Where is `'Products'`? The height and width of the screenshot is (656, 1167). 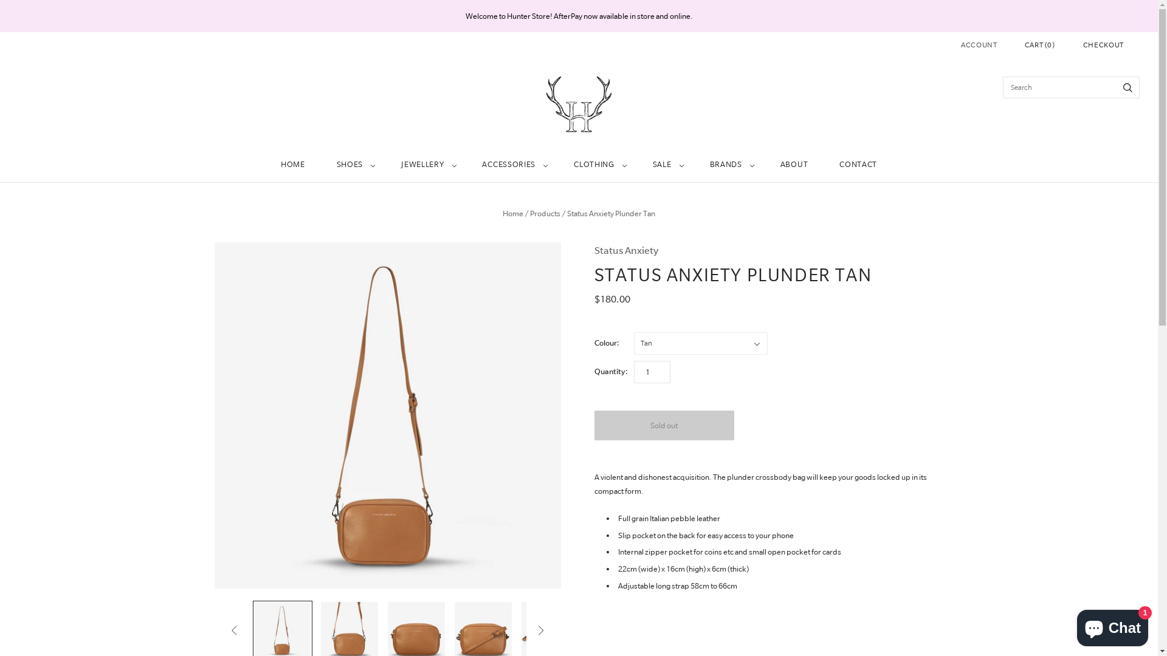
'Products' is located at coordinates (545, 213).